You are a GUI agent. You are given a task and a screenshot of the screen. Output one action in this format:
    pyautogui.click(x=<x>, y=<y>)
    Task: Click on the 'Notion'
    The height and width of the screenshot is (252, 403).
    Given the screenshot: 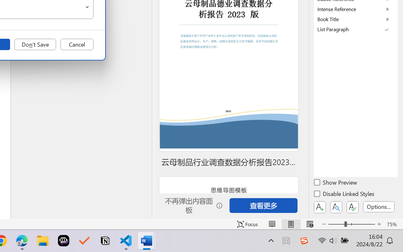 What is the action you would take?
    pyautogui.click(x=105, y=241)
    